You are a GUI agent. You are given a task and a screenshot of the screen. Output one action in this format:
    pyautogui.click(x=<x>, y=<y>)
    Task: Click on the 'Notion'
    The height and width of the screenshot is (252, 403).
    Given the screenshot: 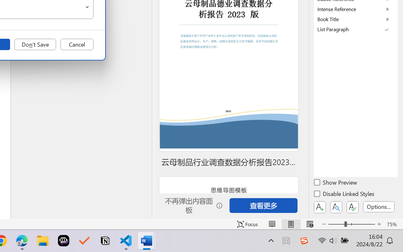 What is the action you would take?
    pyautogui.click(x=105, y=241)
    